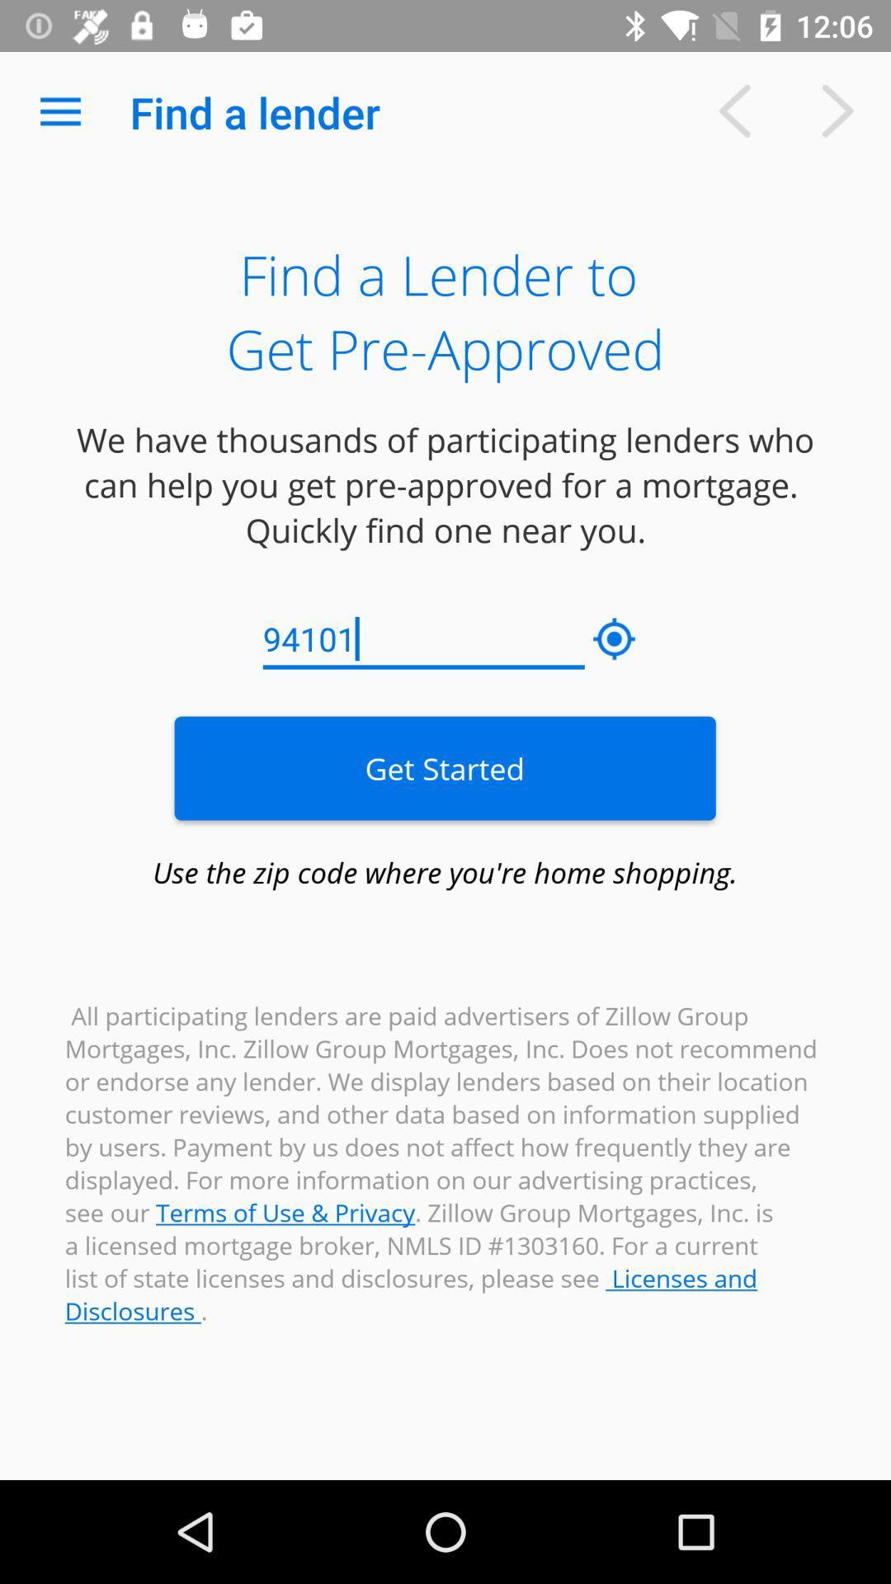 The width and height of the screenshot is (891, 1584). I want to click on item above the we have thousands item, so click(59, 111).